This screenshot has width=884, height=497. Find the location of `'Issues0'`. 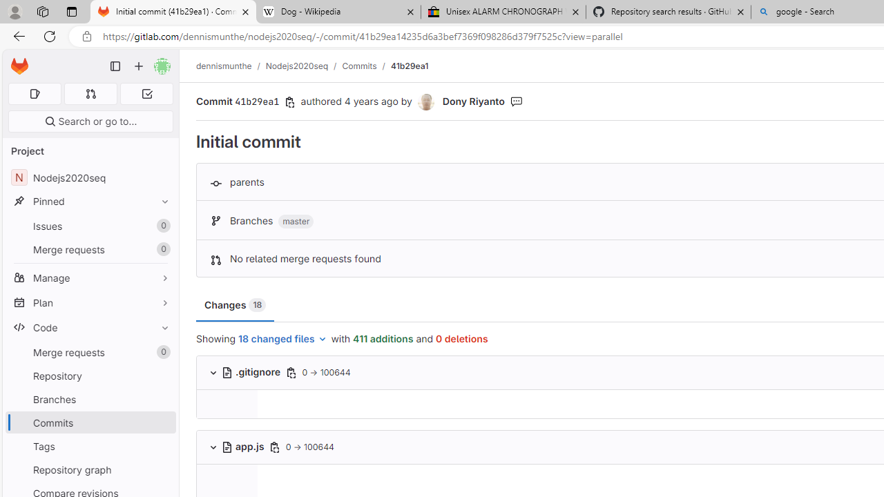

'Issues0' is located at coordinates (90, 225).